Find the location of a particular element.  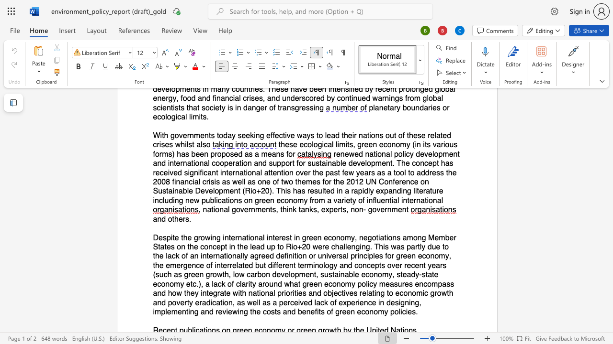

the 3th character "s" in the text is located at coordinates (344, 209).